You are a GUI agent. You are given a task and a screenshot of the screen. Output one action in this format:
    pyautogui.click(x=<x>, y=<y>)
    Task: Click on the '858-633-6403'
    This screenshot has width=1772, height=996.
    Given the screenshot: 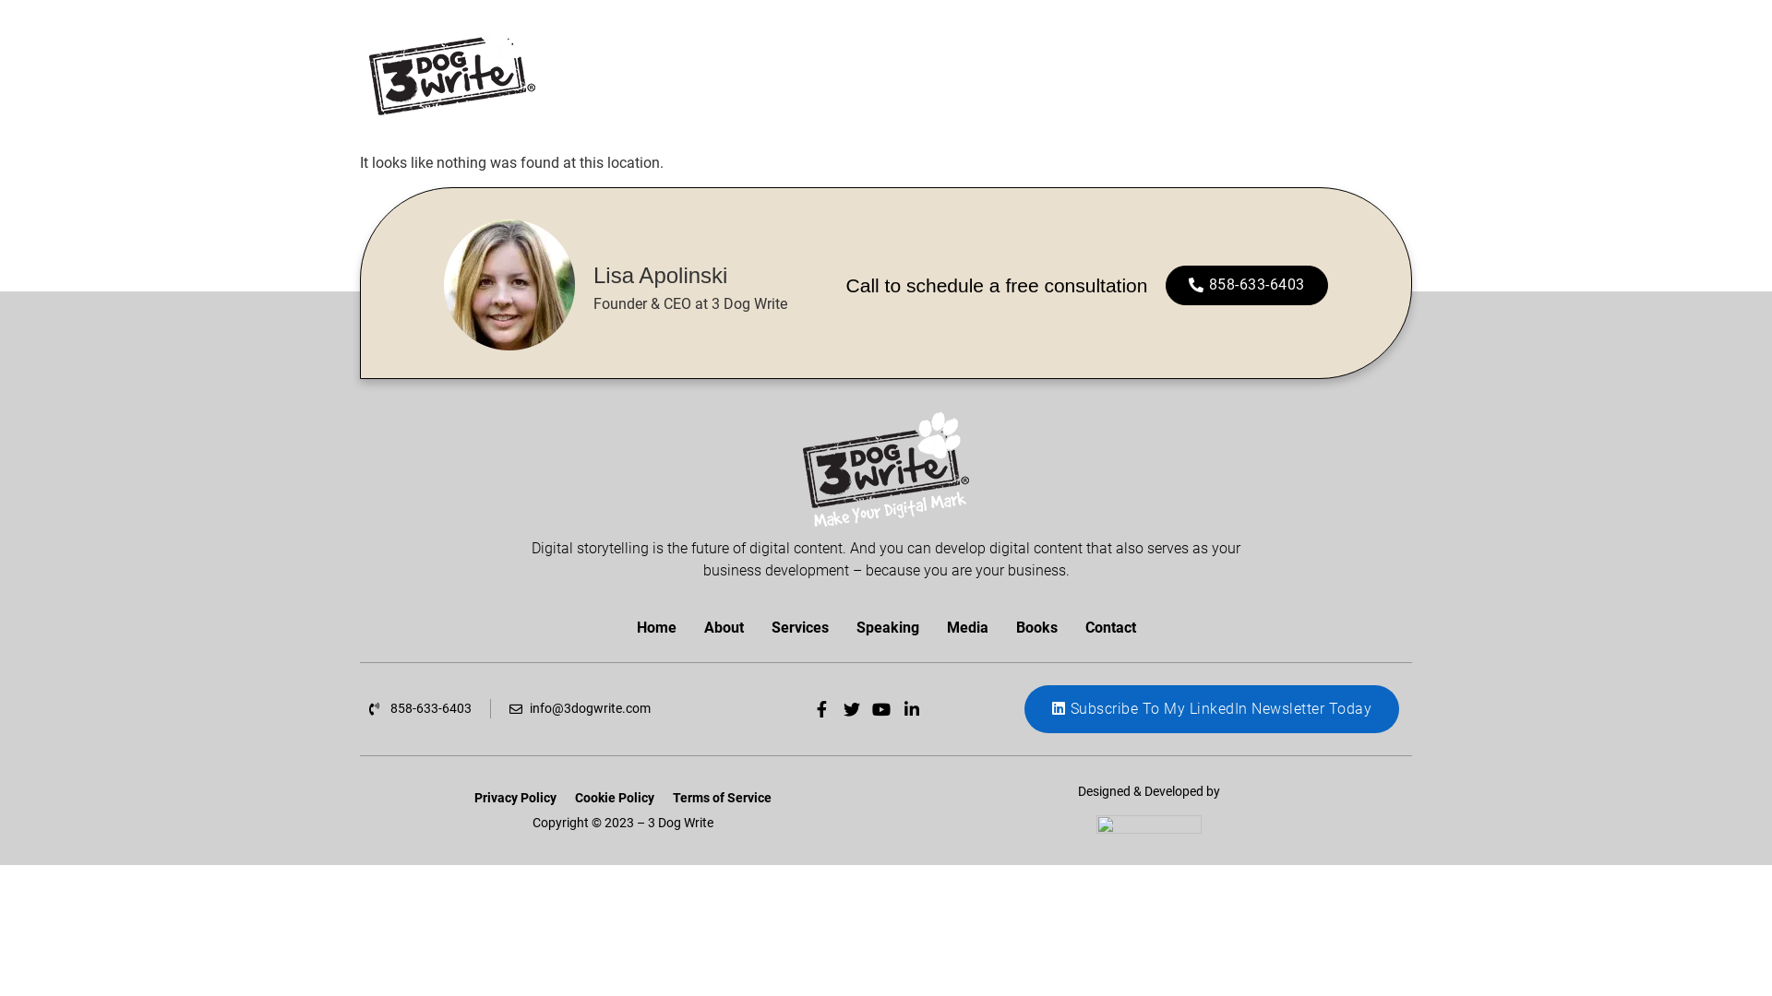 What is the action you would take?
    pyautogui.click(x=1246, y=285)
    